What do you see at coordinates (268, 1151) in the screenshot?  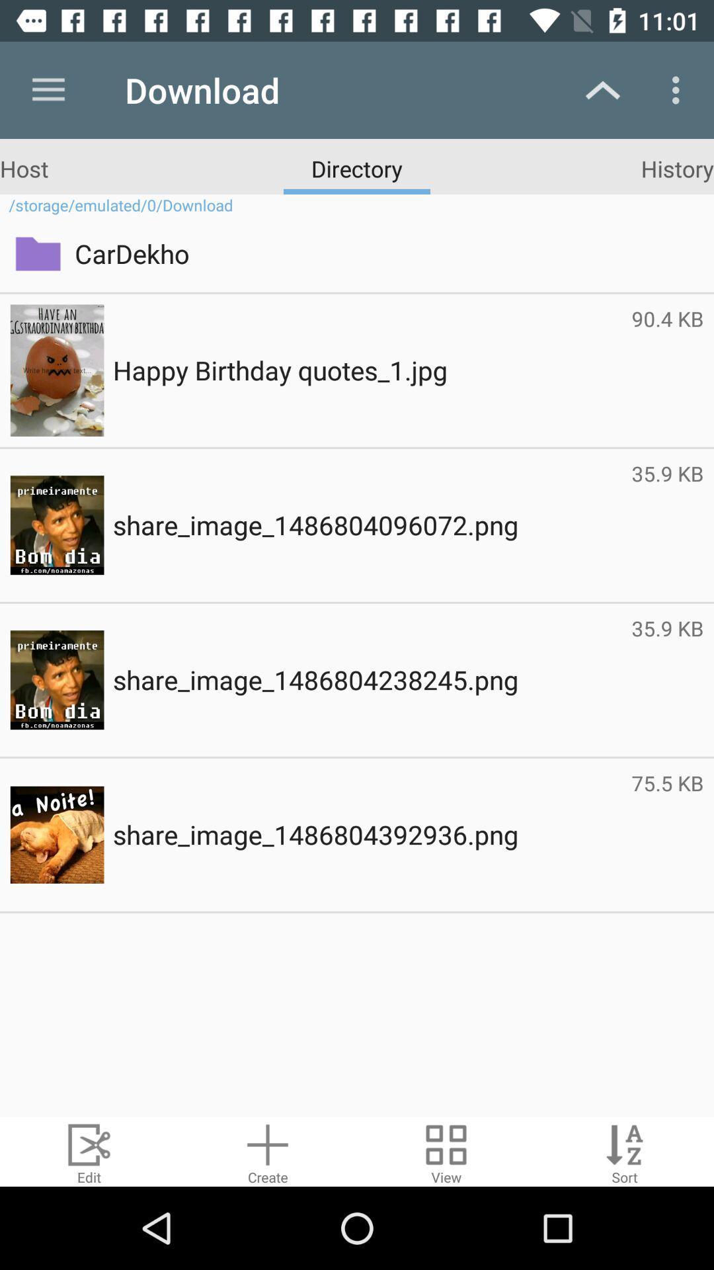 I see `new folder` at bounding box center [268, 1151].